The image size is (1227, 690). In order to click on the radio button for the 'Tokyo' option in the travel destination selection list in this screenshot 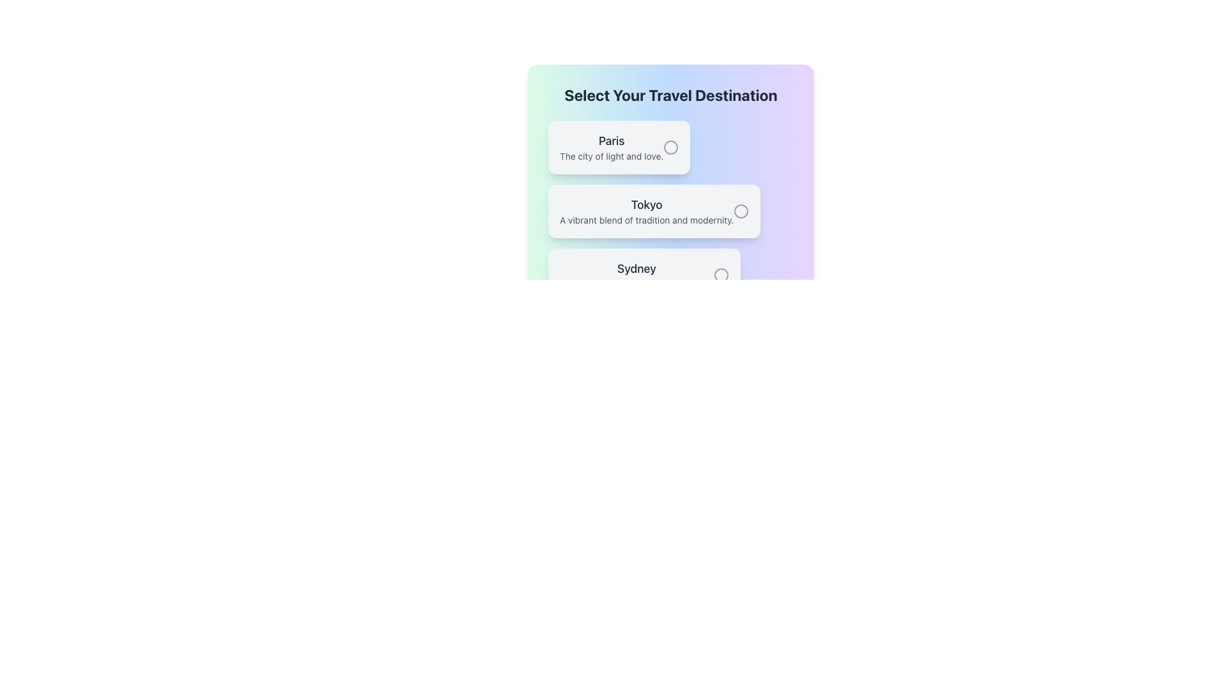, I will do `click(741, 211)`.